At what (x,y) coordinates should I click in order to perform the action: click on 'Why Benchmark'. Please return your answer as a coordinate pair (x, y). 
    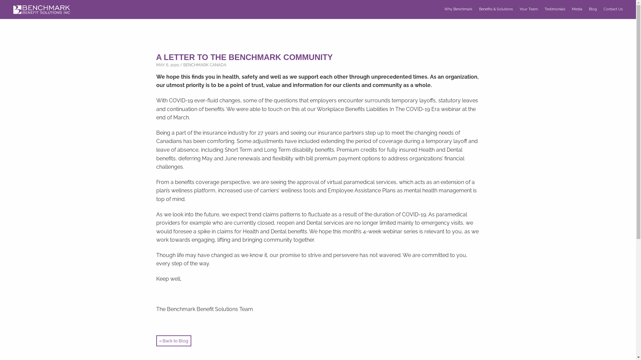
    Looking at the image, I should click on (444, 9).